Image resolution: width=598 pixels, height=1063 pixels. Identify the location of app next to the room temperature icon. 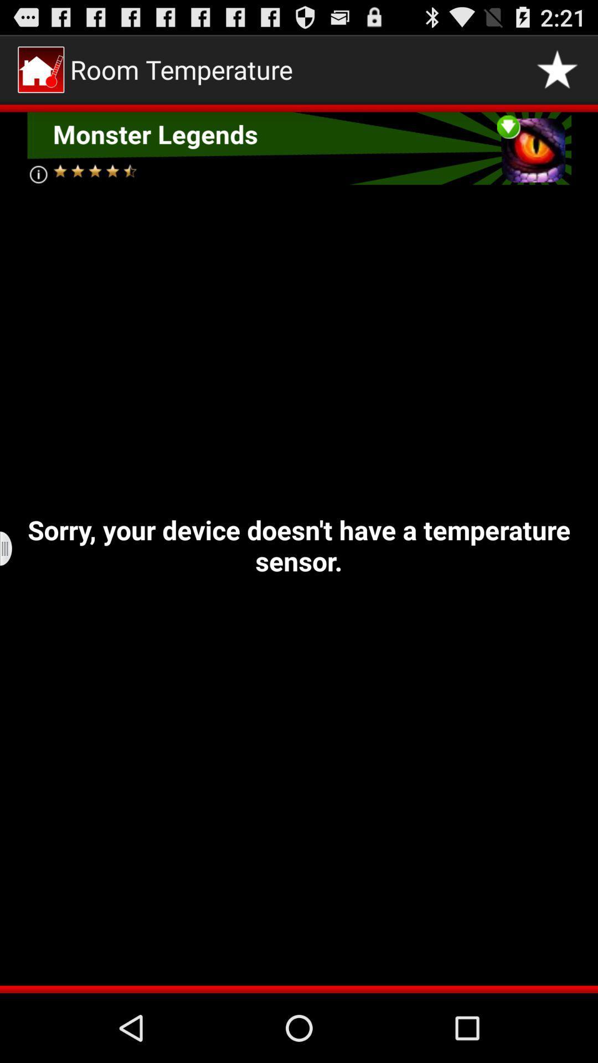
(557, 69).